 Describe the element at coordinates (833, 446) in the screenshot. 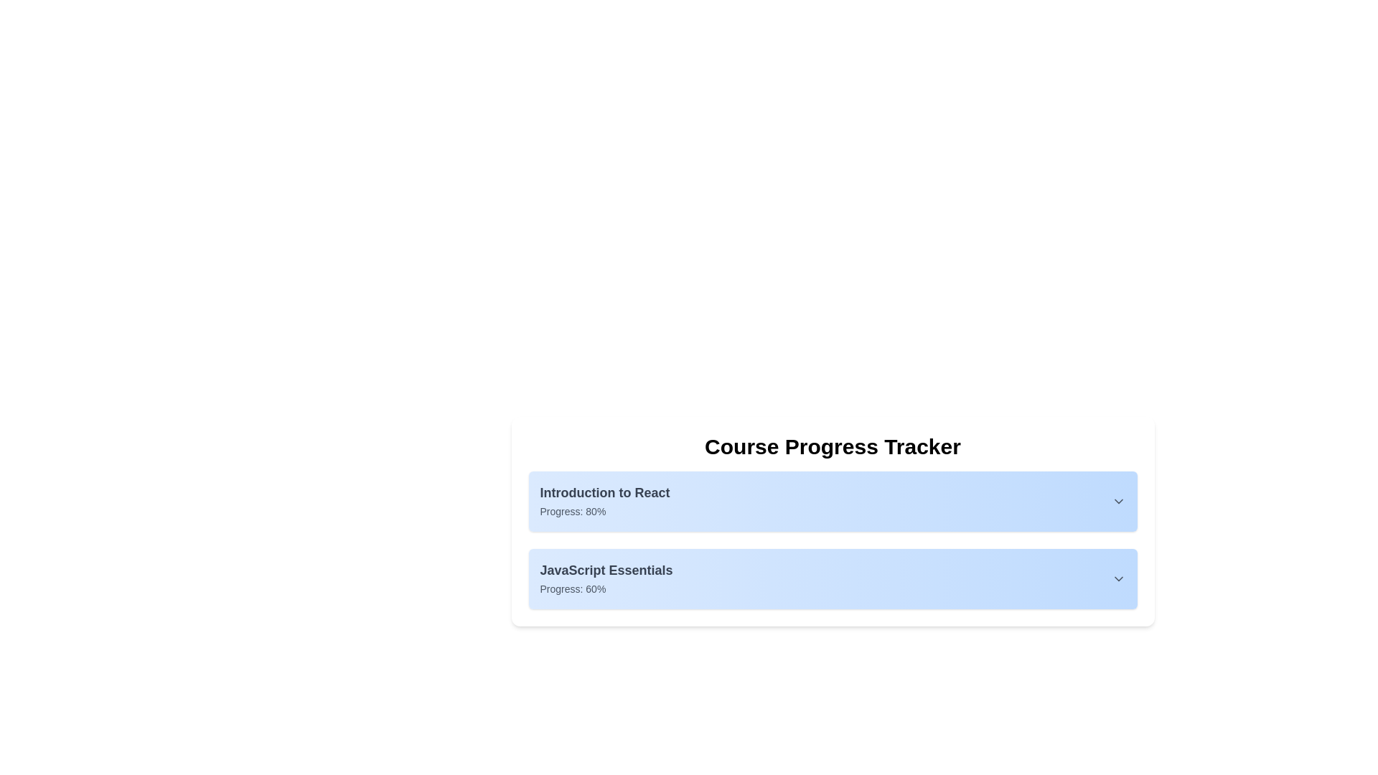

I see `the text heading element that serves as the title for the course progress section, positioned at the top of the card` at that location.